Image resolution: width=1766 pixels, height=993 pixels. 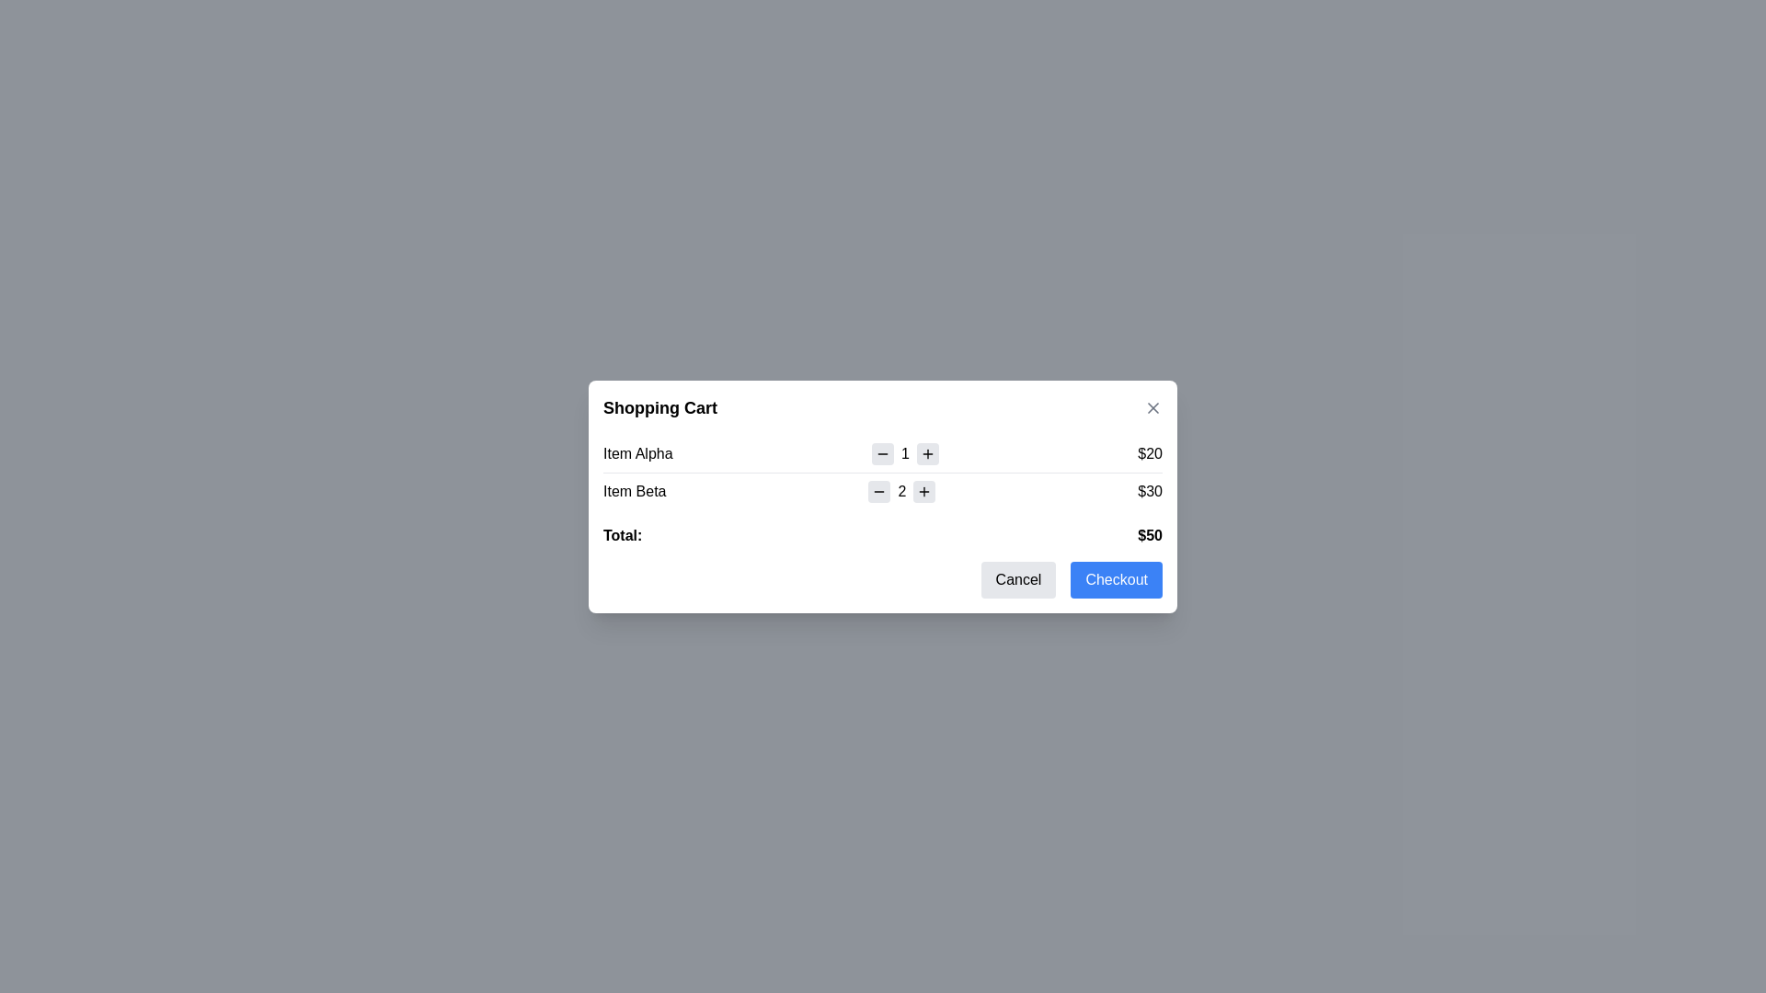 I want to click on the bold number '2' in the quantity adjustment controls for 'Item Beta', so click(x=901, y=490).